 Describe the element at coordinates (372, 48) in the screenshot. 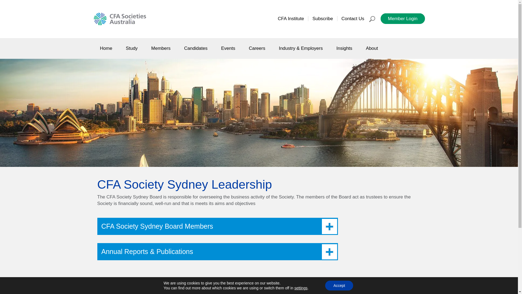

I see `'About'` at that location.